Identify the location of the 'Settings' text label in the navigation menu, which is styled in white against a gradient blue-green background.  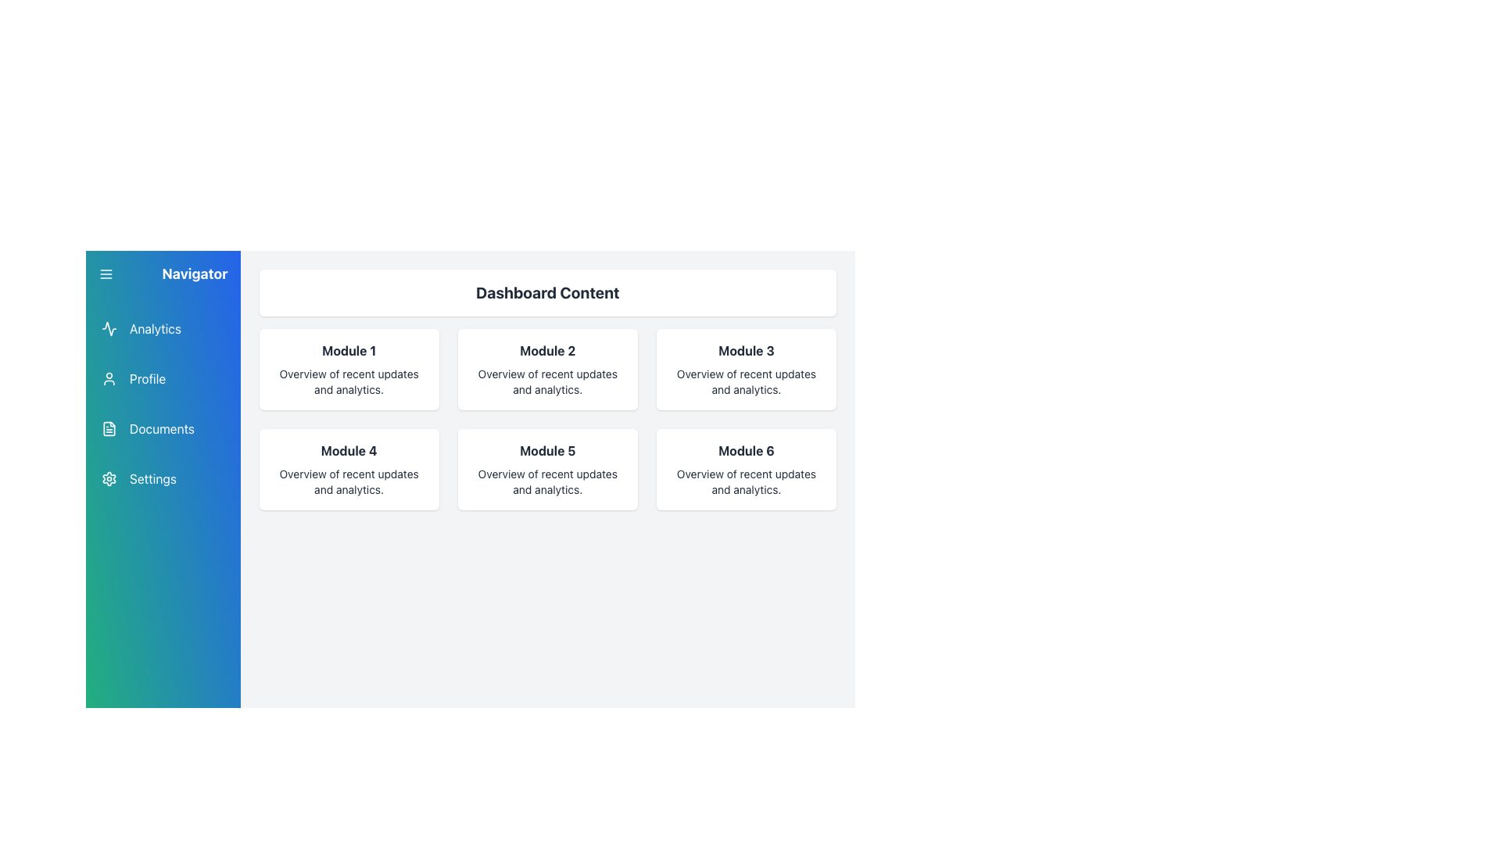
(153, 478).